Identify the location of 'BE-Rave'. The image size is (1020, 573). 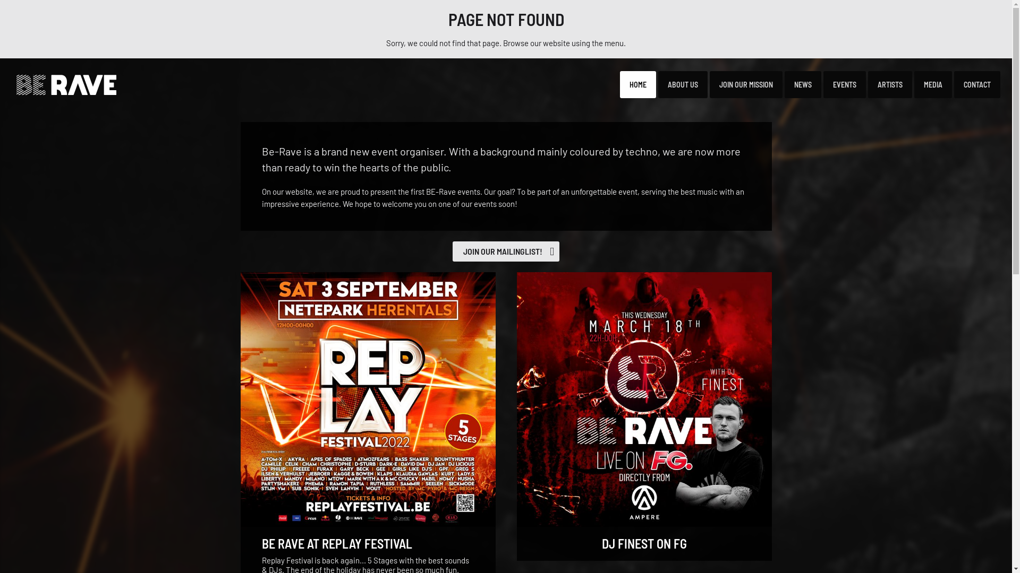
(63, 84).